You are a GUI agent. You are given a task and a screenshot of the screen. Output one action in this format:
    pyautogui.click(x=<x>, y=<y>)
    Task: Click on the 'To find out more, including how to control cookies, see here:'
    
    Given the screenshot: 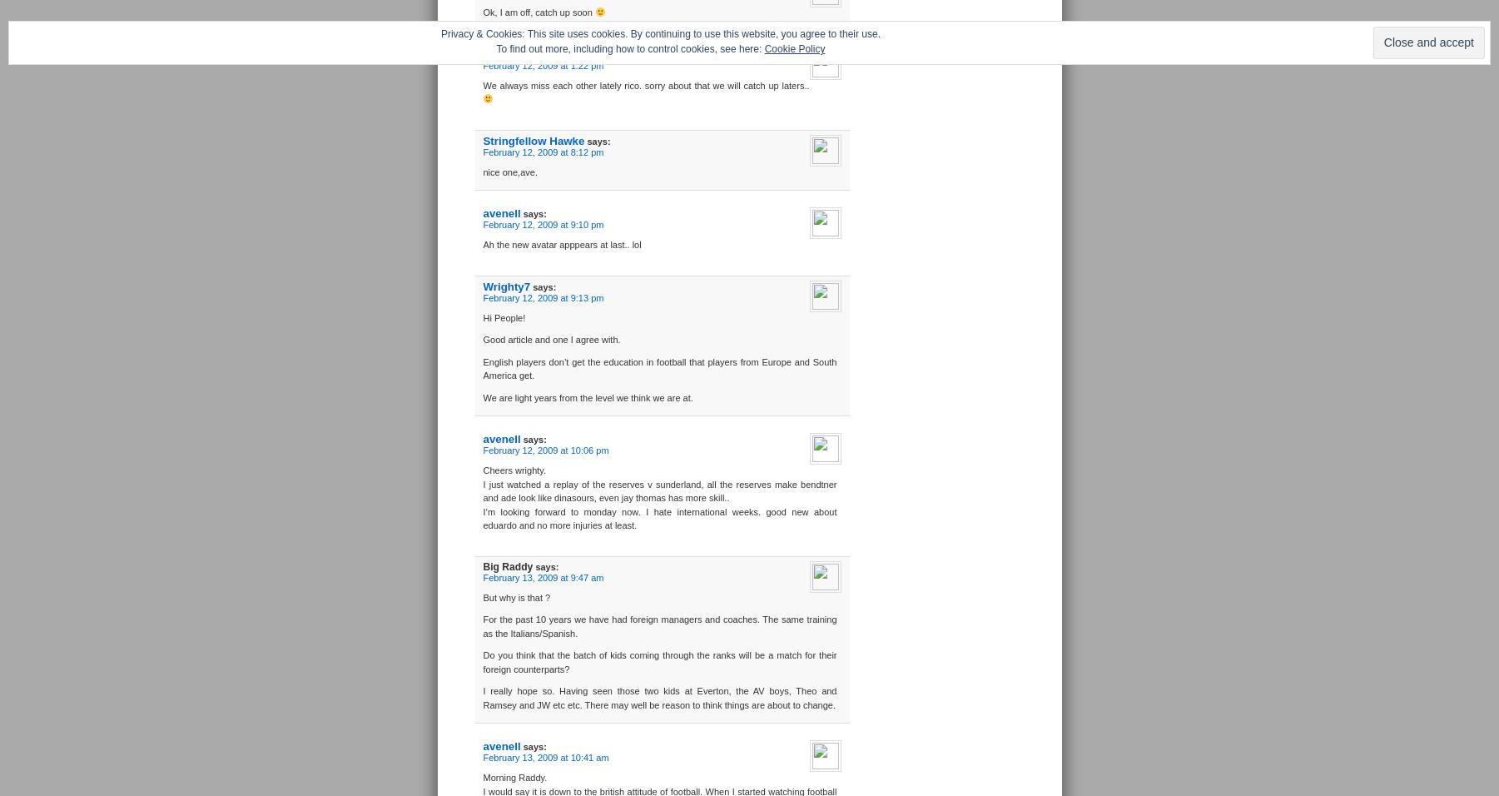 What is the action you would take?
    pyautogui.click(x=629, y=47)
    